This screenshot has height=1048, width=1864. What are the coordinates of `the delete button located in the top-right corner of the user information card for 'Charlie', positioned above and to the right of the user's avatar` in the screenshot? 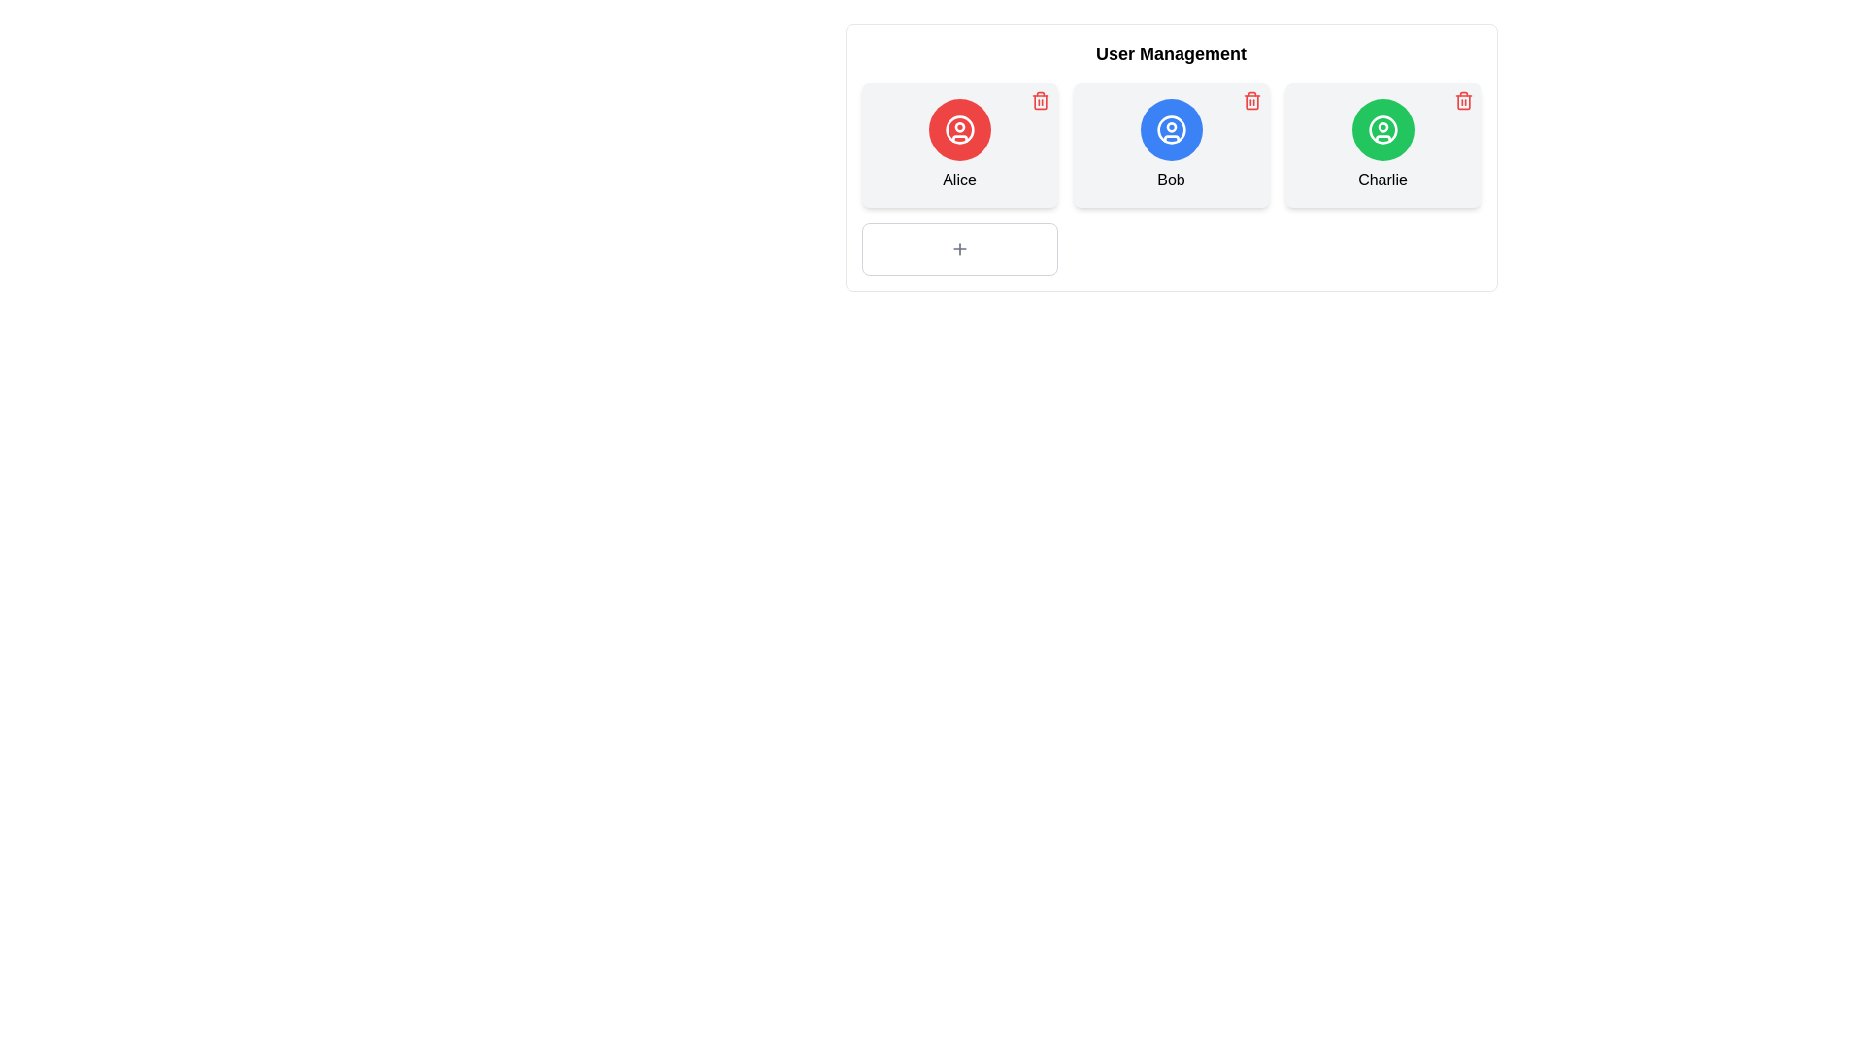 It's located at (1463, 101).